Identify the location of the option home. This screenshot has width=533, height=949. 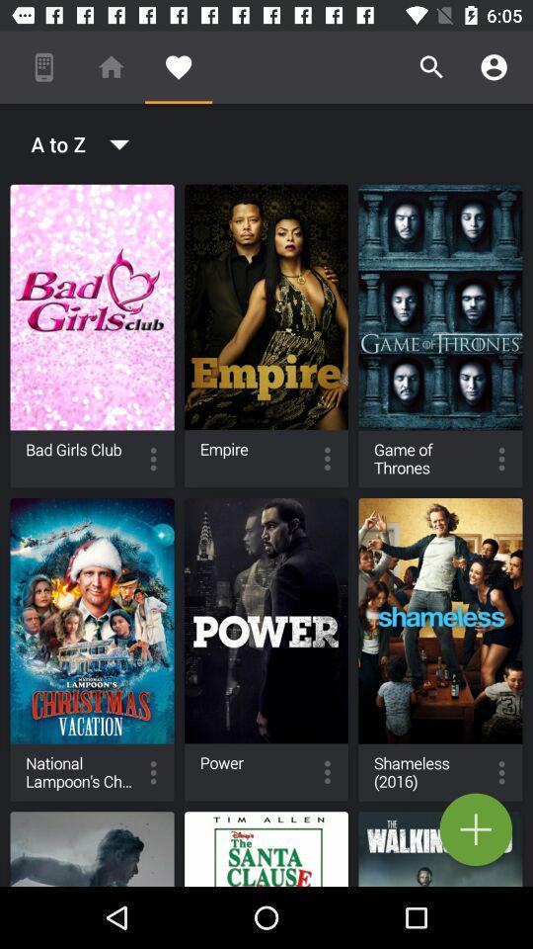
(112, 67).